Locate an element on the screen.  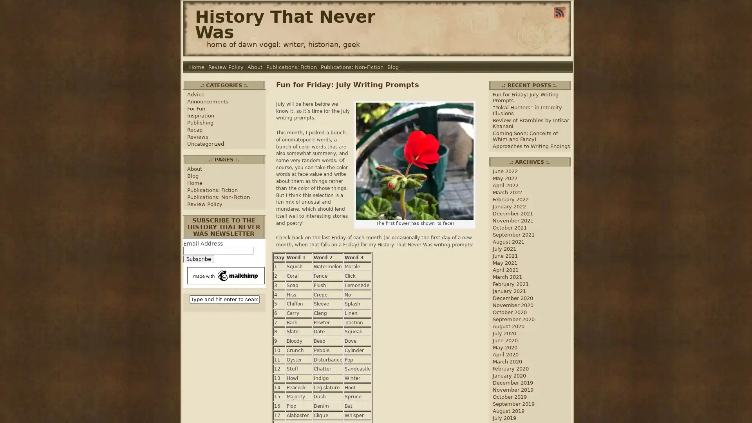
Subscribe is located at coordinates (199, 259).